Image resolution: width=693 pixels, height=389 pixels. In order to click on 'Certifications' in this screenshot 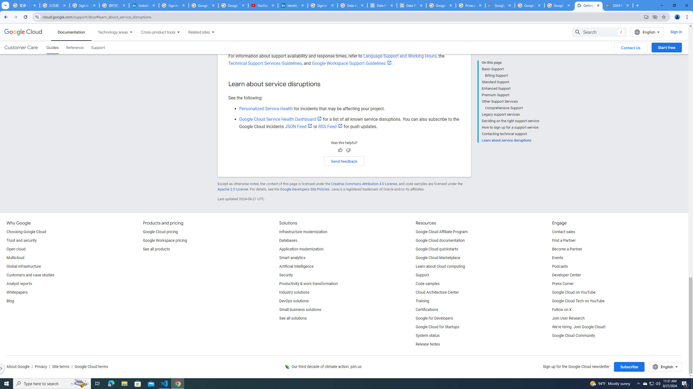, I will do `click(426, 309)`.